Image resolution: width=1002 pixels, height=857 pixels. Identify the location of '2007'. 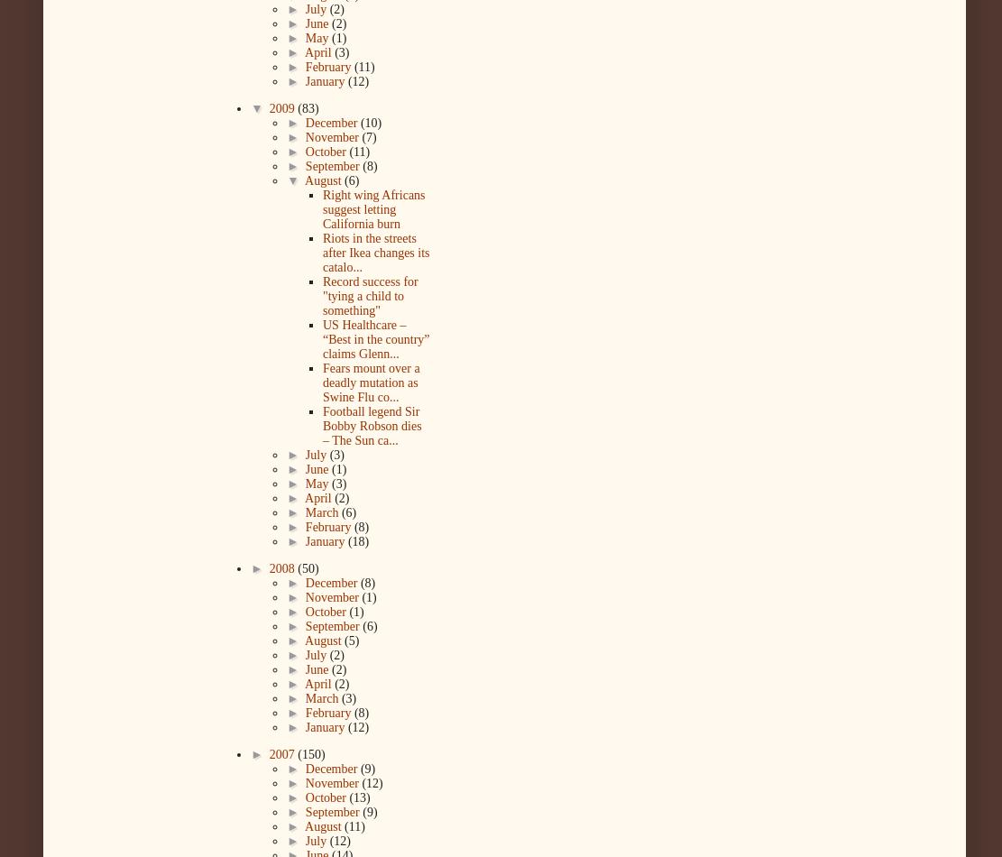
(268, 753).